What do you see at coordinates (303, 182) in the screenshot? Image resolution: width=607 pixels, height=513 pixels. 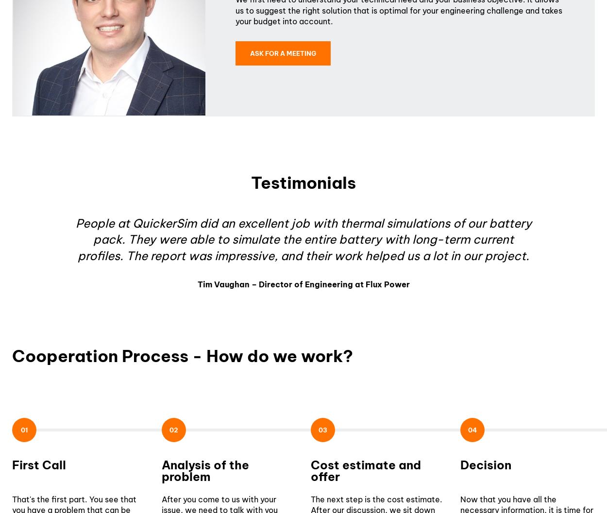 I see `'Testimonials'` at bounding box center [303, 182].